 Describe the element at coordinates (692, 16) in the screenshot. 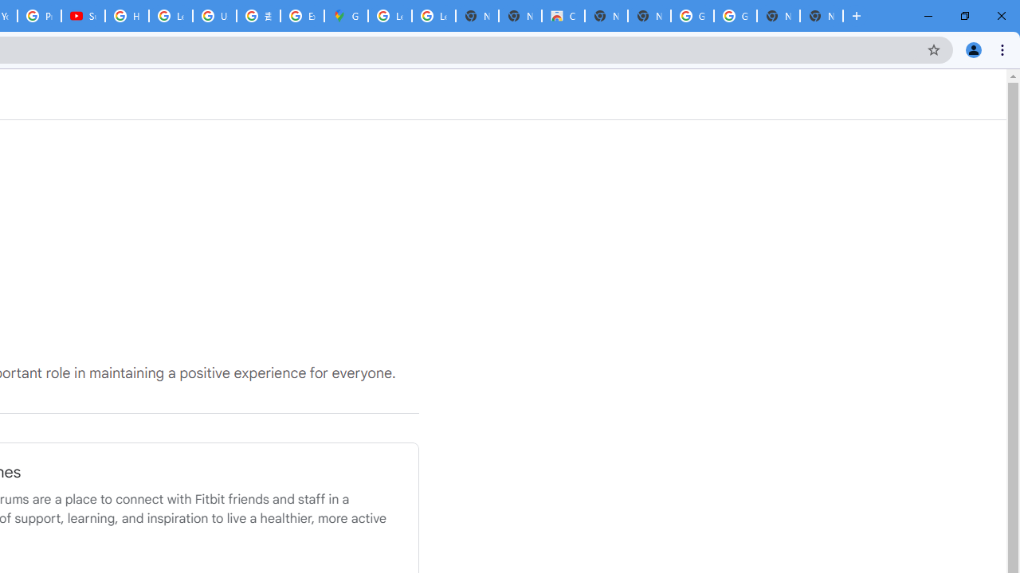

I see `'Google Images'` at that location.